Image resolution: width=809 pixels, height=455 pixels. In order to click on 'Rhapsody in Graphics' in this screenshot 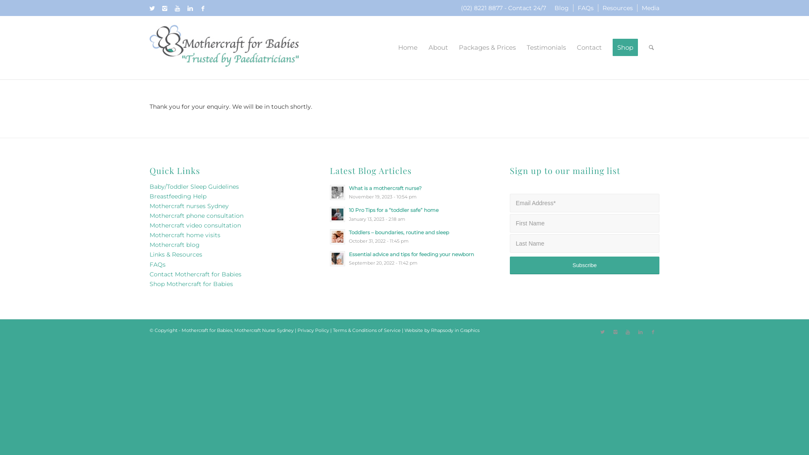, I will do `click(455, 329)`.